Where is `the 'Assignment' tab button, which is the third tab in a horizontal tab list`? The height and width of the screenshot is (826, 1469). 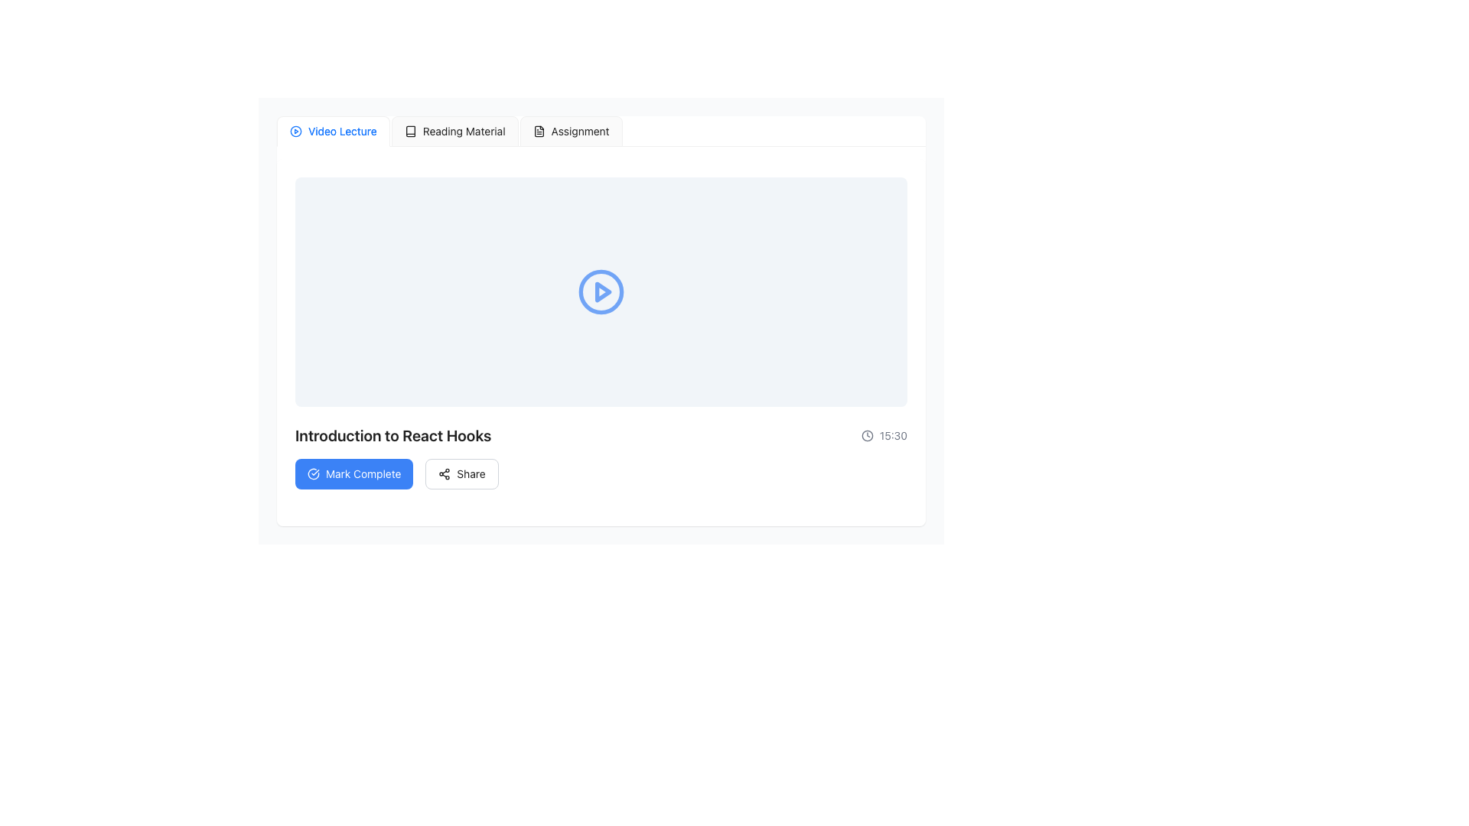 the 'Assignment' tab button, which is the third tab in a horizontal tab list is located at coordinates (570, 131).